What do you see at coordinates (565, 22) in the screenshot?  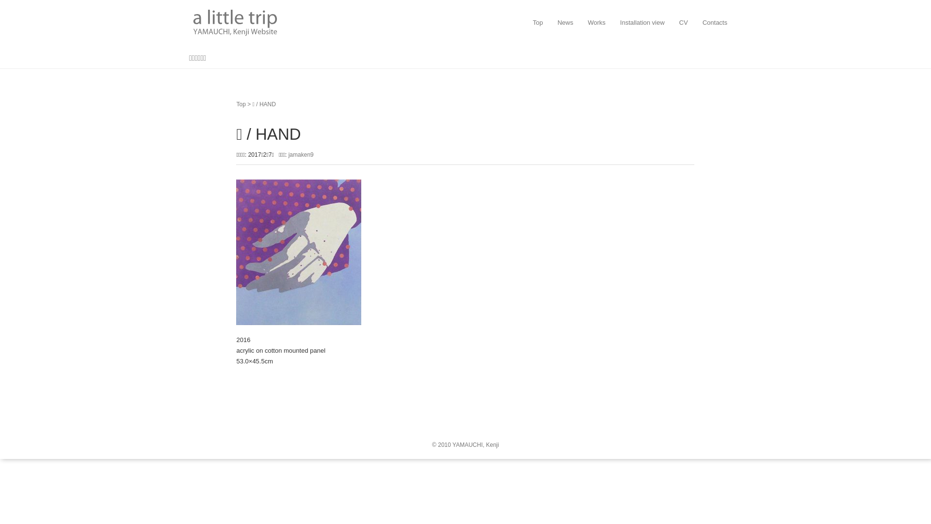 I see `'News'` at bounding box center [565, 22].